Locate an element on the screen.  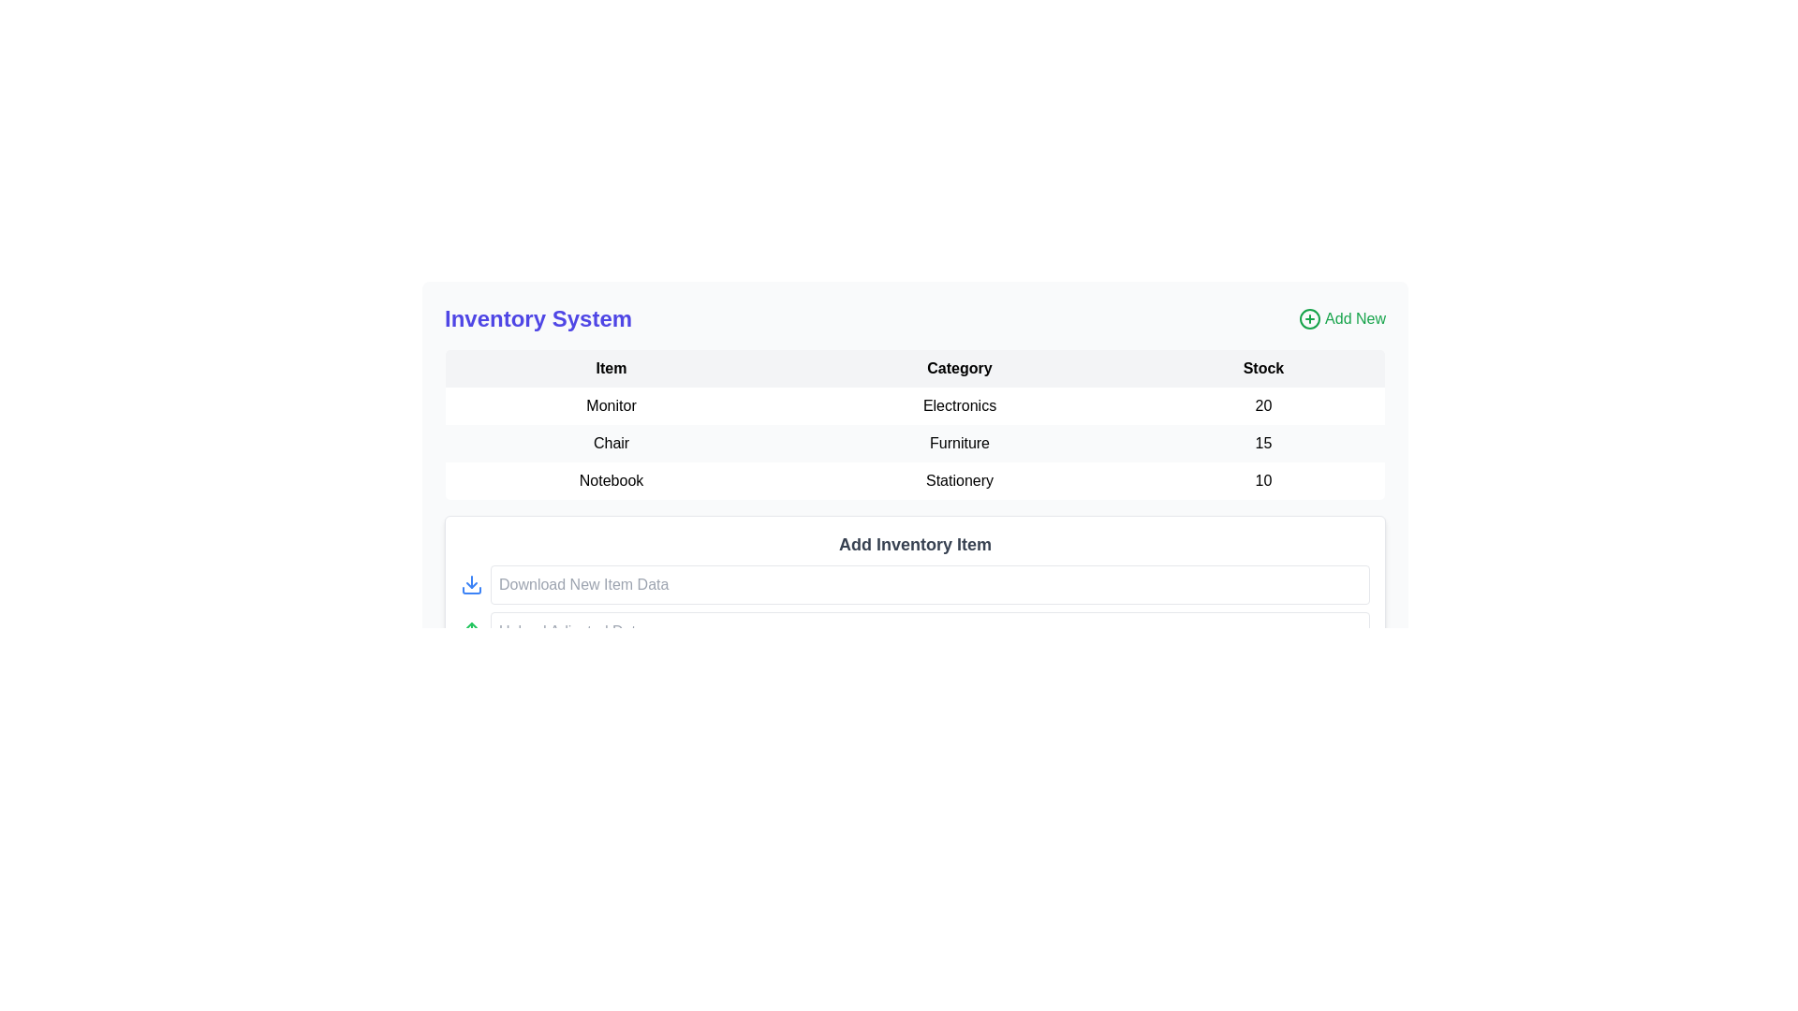
the 'Notebook' text label displayed in a bold style, which is the first cell in a row of a table layout is located at coordinates (611, 480).